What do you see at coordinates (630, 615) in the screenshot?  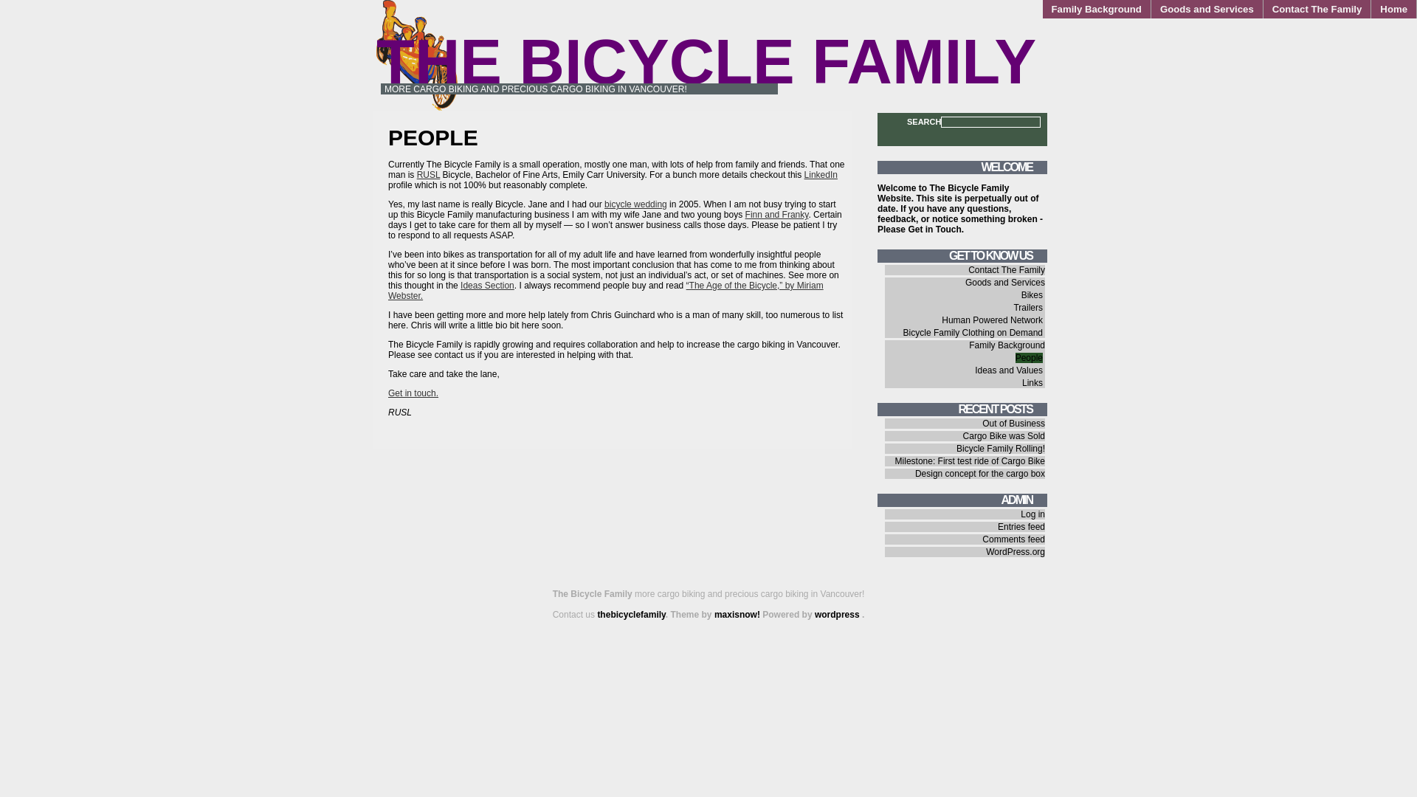 I see `'thebicyclefamily'` at bounding box center [630, 615].